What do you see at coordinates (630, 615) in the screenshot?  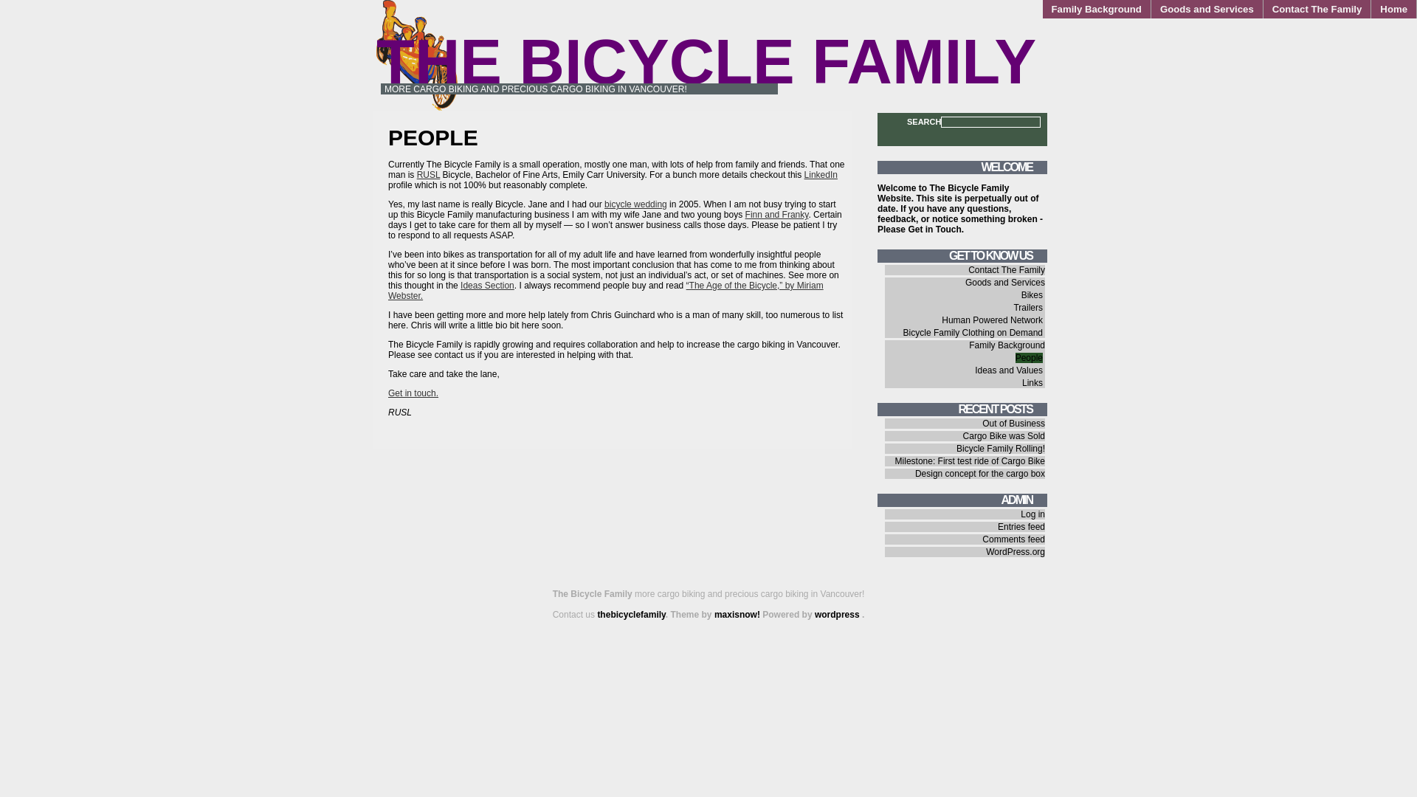 I see `'thebicyclefamily'` at bounding box center [630, 615].